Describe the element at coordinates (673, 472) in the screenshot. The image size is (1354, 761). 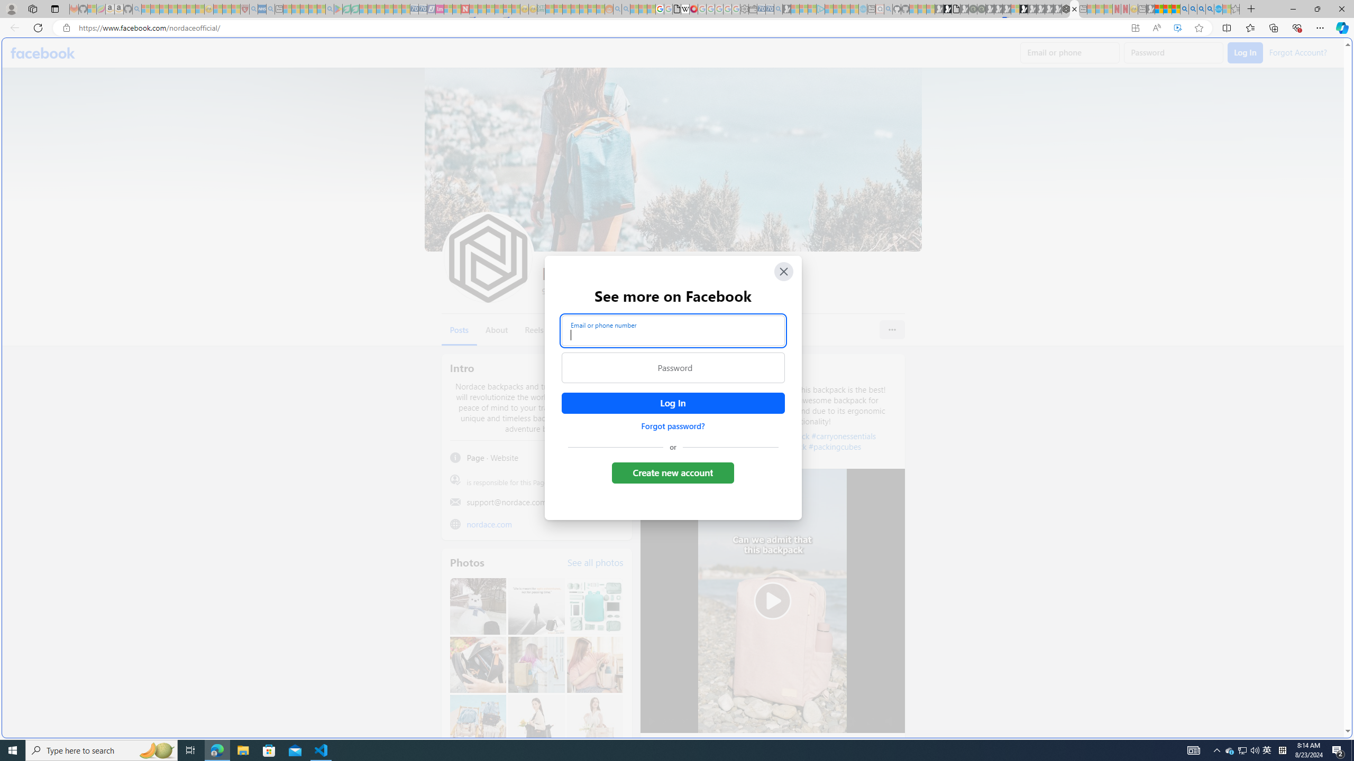
I see `'Create new account'` at that location.